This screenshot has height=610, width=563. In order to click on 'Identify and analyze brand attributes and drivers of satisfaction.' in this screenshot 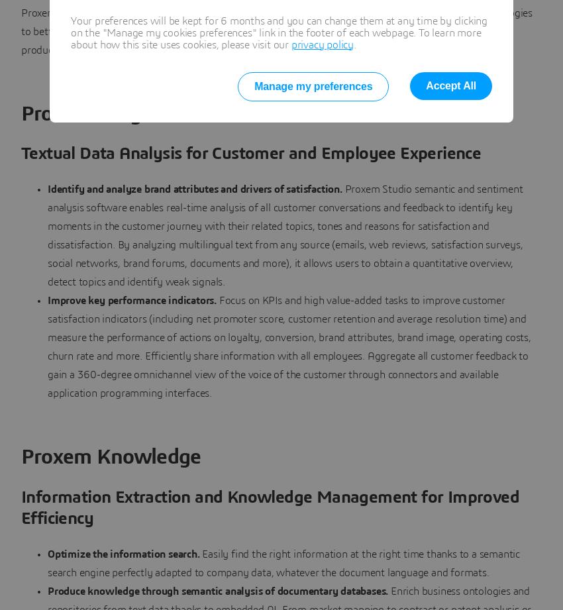, I will do `click(195, 188)`.